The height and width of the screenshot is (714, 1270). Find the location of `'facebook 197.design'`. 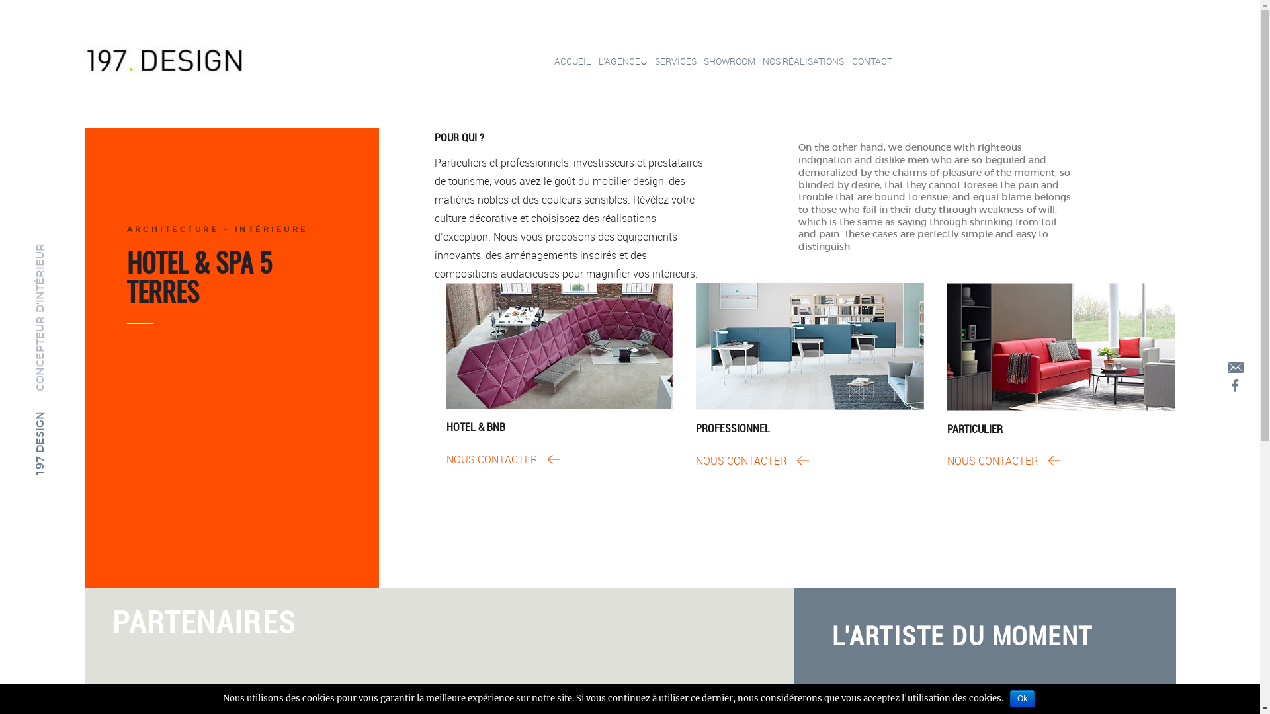

'facebook 197.design' is located at coordinates (1234, 385).